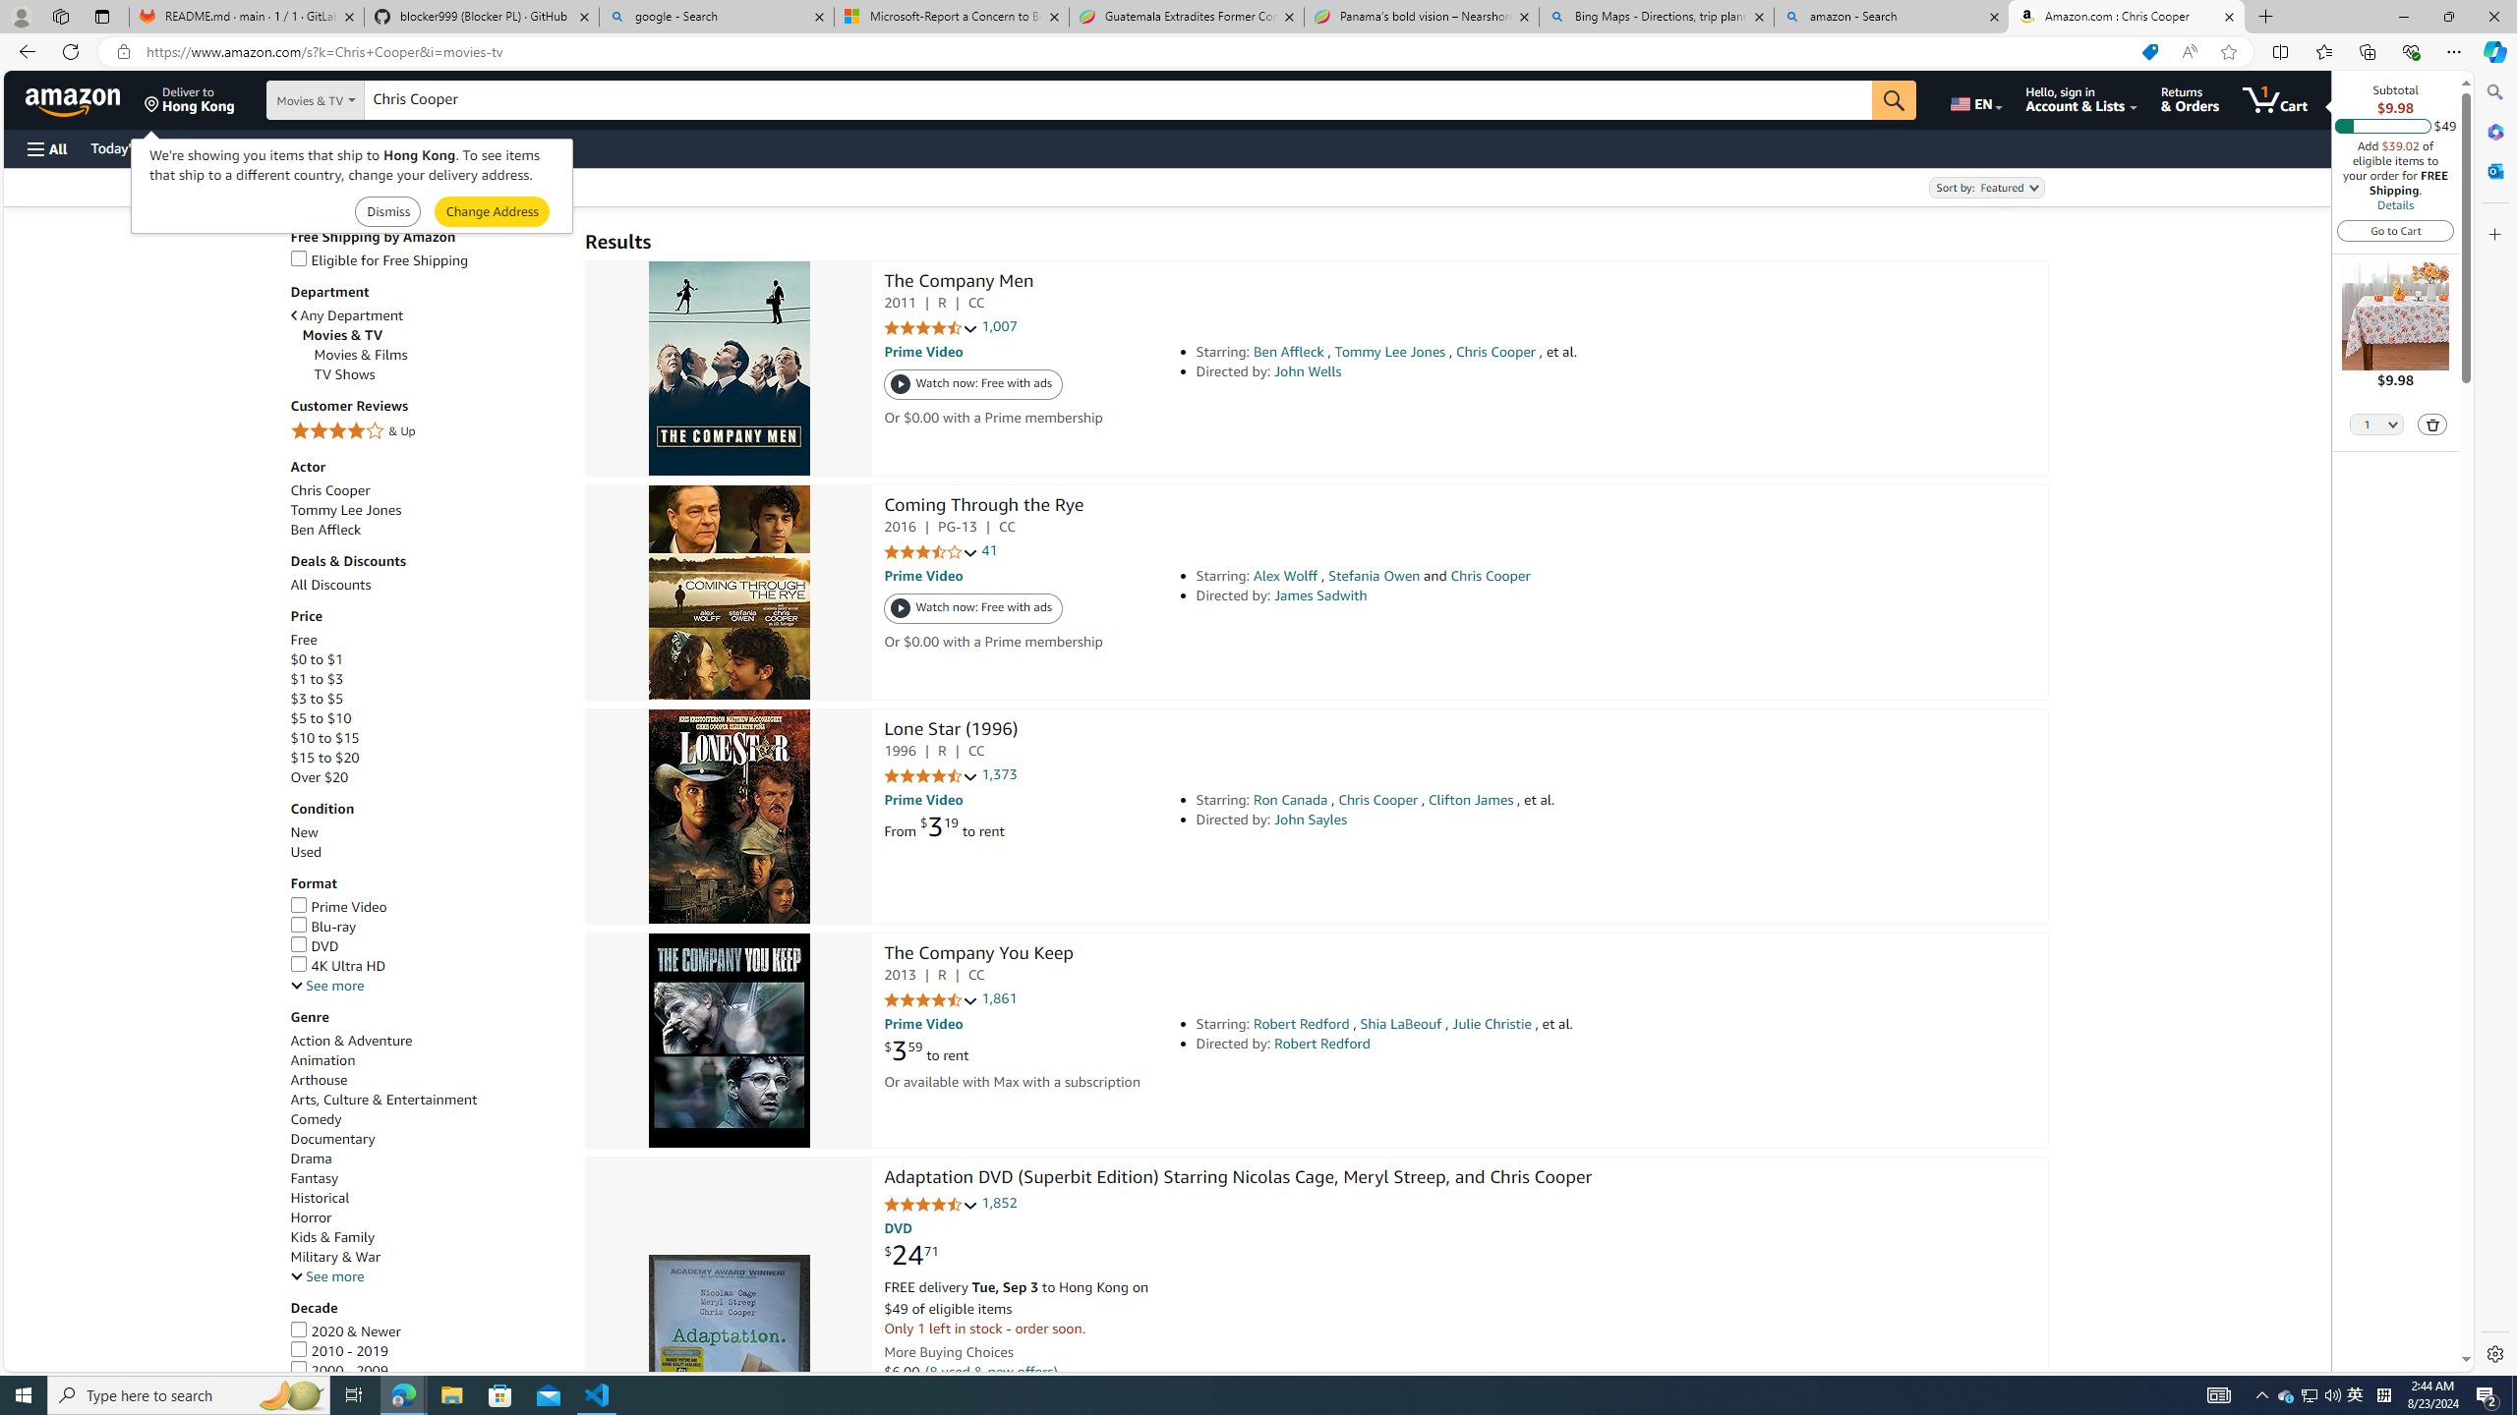 This screenshot has height=1415, width=2517. Describe the element at coordinates (305, 851) in the screenshot. I see `'Used'` at that location.